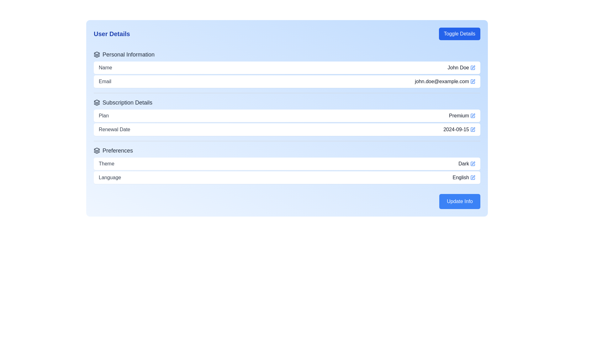 This screenshot has height=339, width=602. I want to click on the blue pen icon located in the 'Preferences' section next to the text 'Dark' to initiate the edit action, so click(473, 163).